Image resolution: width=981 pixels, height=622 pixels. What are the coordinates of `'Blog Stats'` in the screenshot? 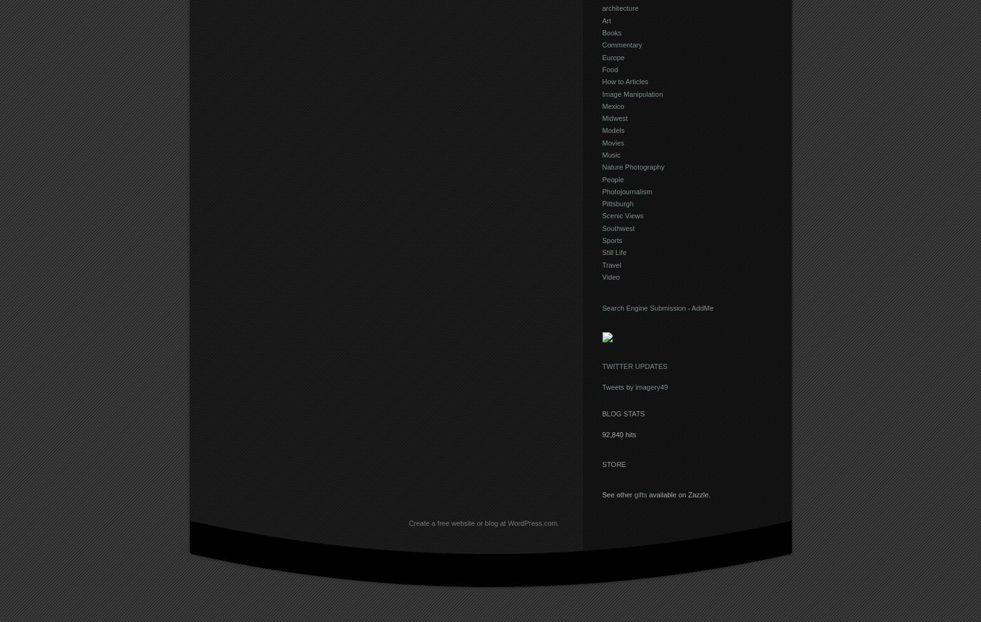 It's located at (622, 413).